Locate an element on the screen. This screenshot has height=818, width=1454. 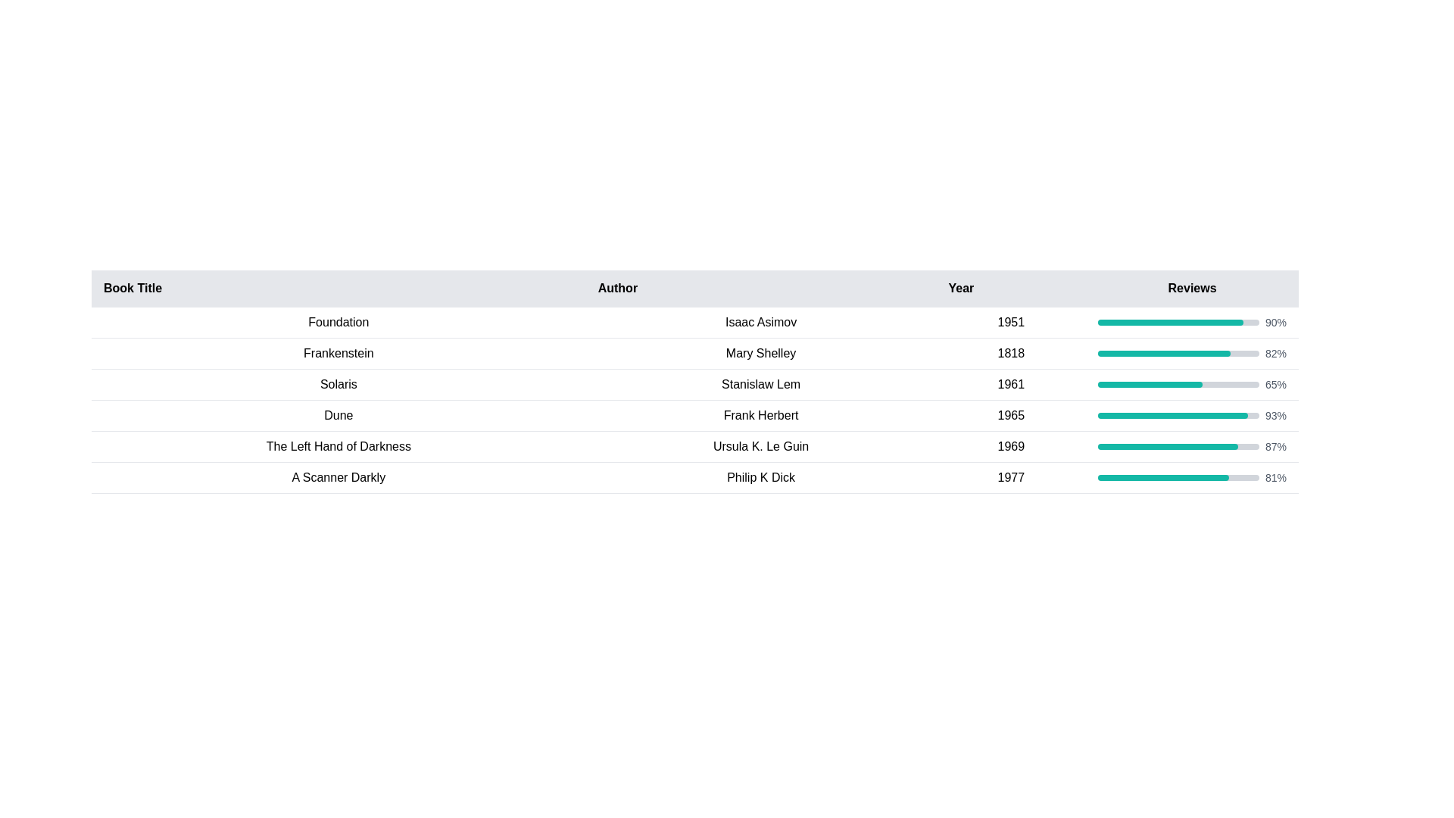
the first row of the table displaying book details by tabbing to it is located at coordinates (694, 321).